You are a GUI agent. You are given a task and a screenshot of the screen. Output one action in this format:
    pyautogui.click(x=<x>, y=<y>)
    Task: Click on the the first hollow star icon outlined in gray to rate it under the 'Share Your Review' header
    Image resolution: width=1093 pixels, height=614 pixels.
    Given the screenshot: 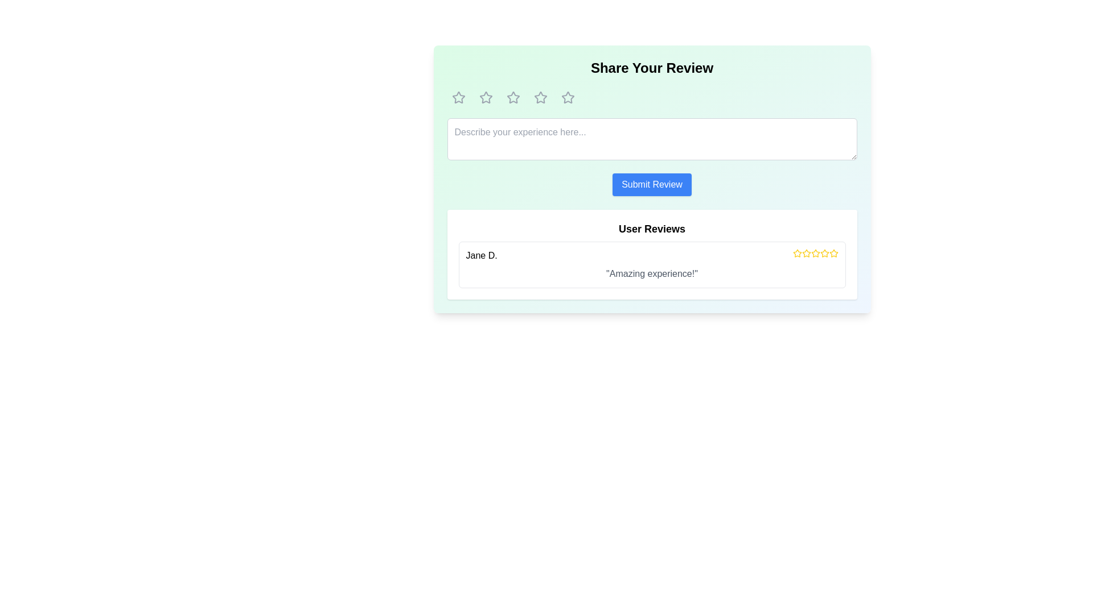 What is the action you would take?
    pyautogui.click(x=458, y=97)
    